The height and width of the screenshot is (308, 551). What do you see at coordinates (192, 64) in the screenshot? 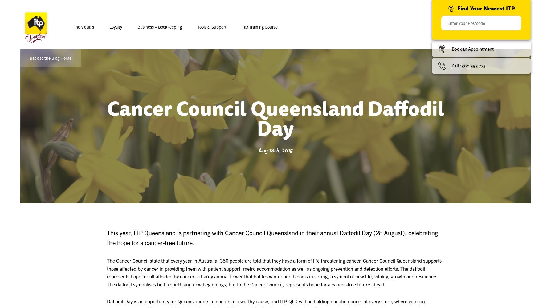
I see `'inOffice Returns'` at bounding box center [192, 64].